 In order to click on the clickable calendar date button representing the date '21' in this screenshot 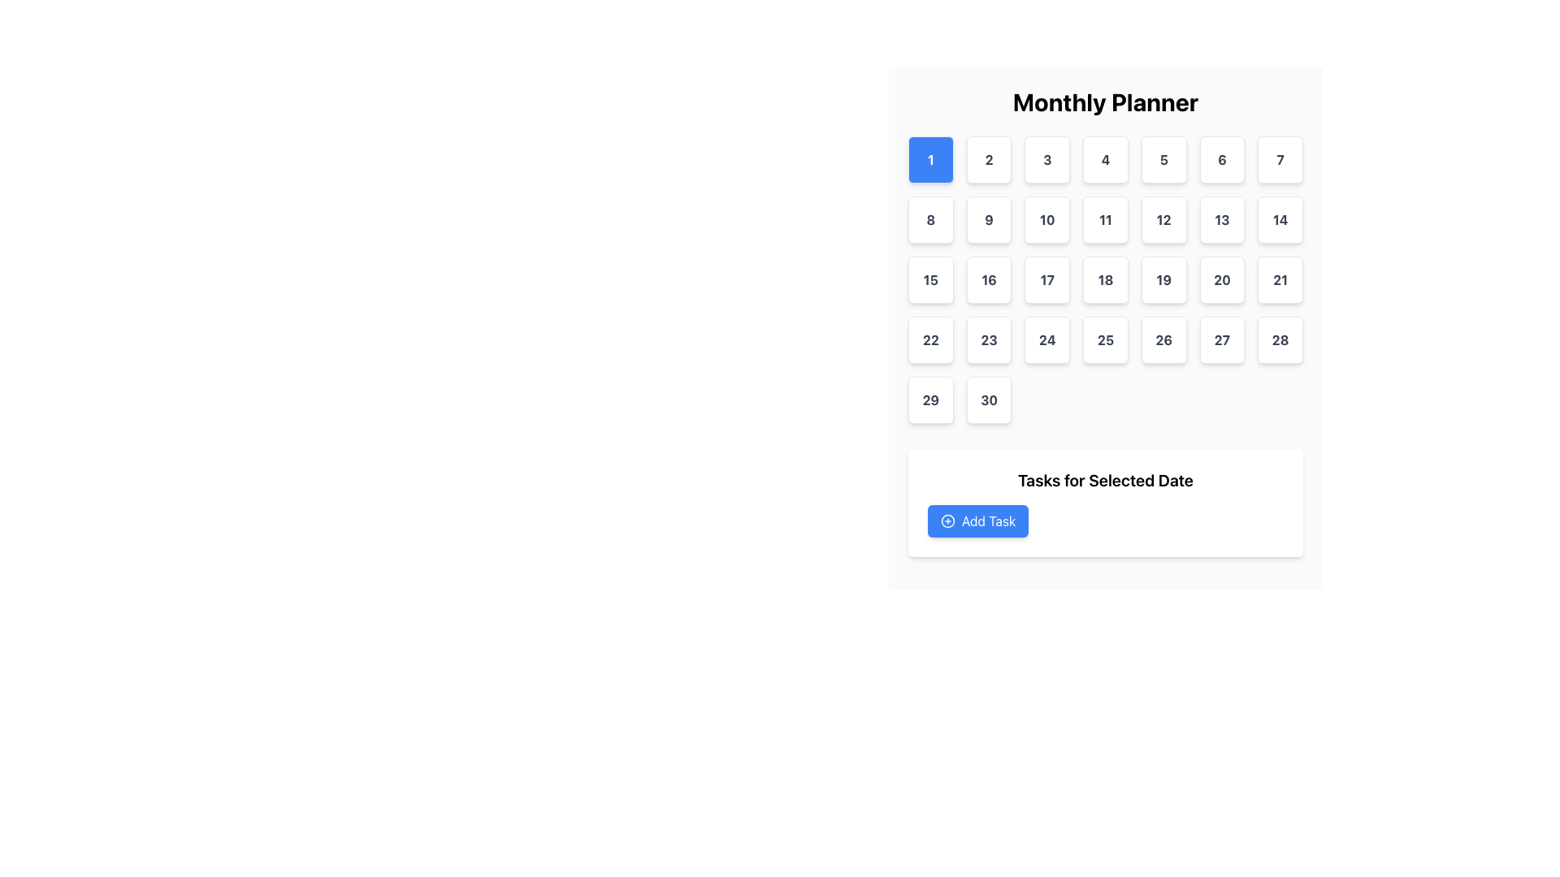, I will do `click(1280, 279)`.